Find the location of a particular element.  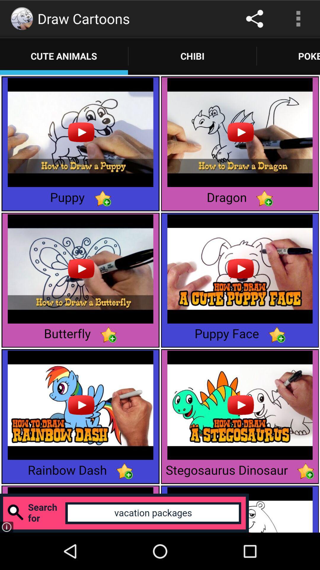

search for a term is located at coordinates (124, 513).